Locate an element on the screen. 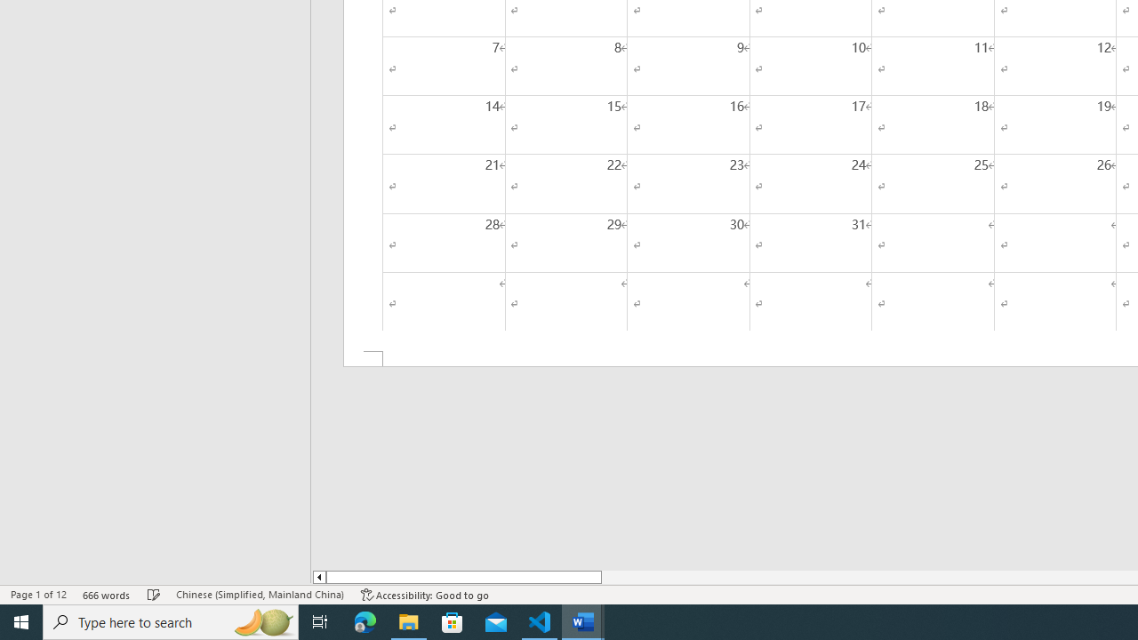 This screenshot has width=1138, height=640. 'Spelling and Grammar Check Checking' is located at coordinates (154, 595).